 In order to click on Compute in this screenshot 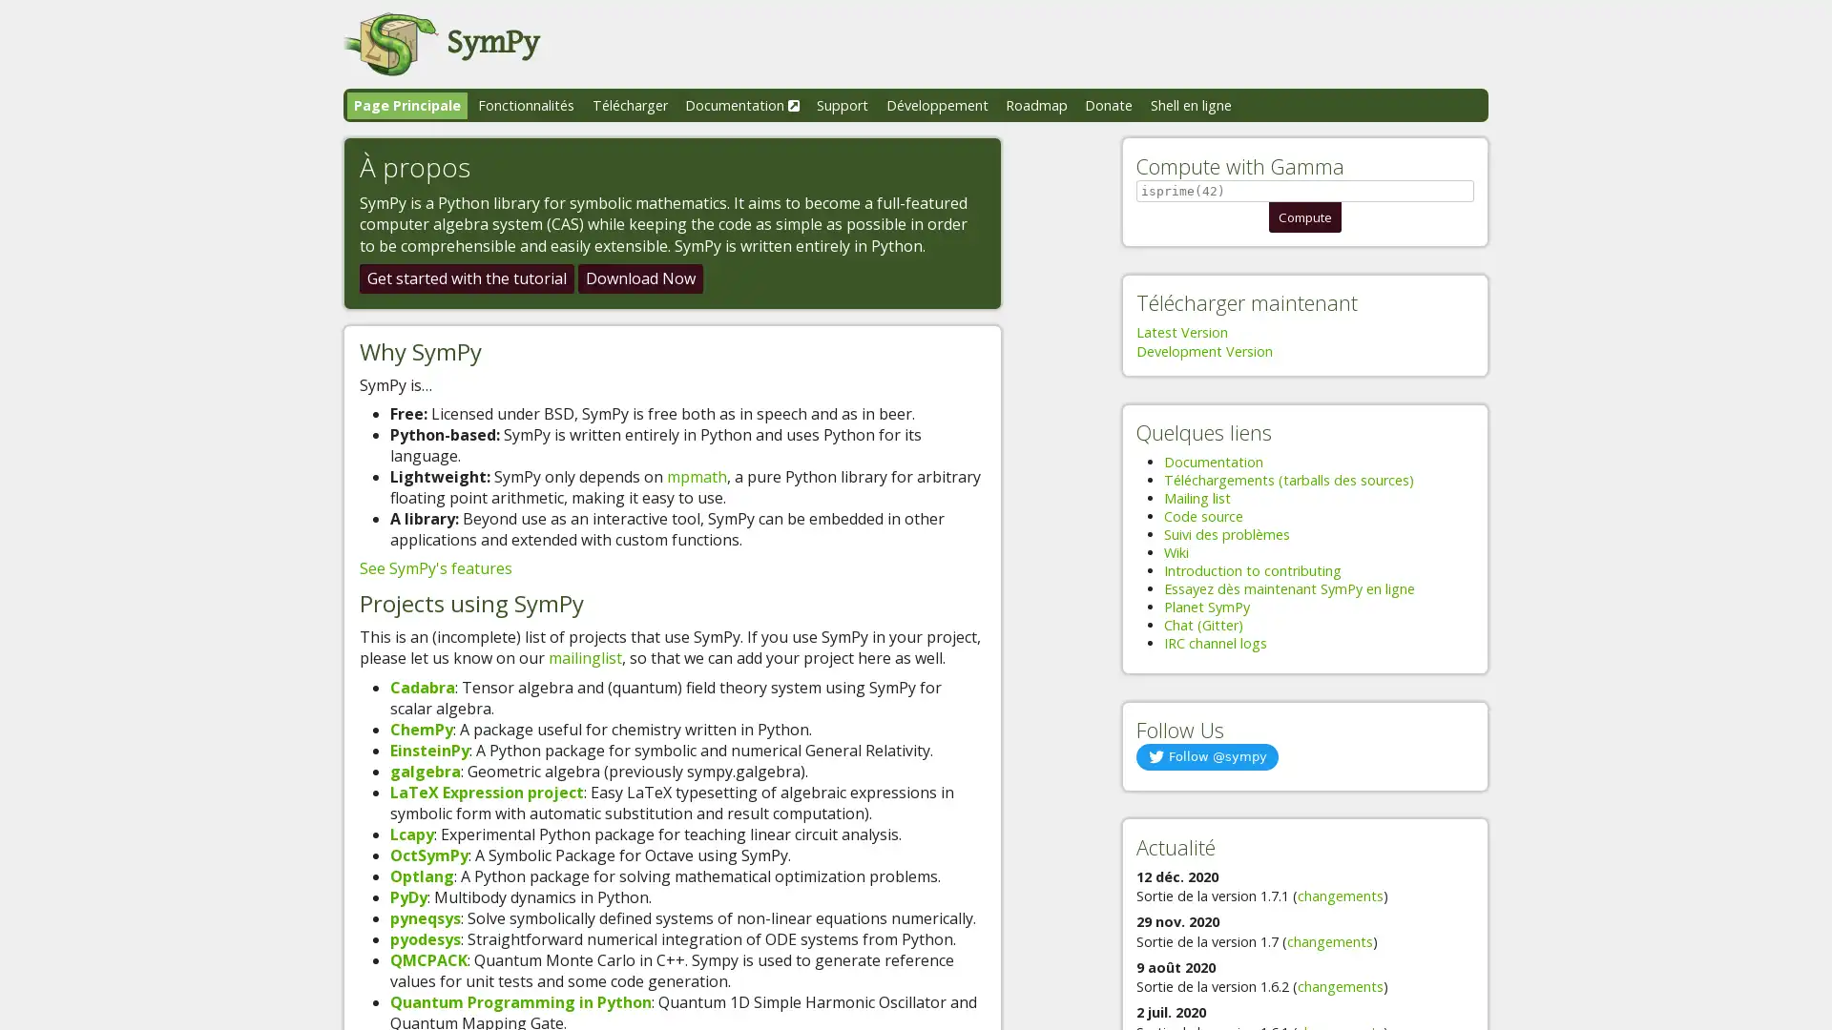, I will do `click(1304, 216)`.